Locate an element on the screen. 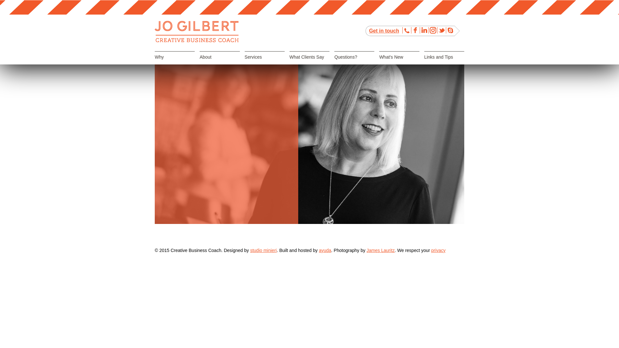  'About' is located at coordinates (220, 63).